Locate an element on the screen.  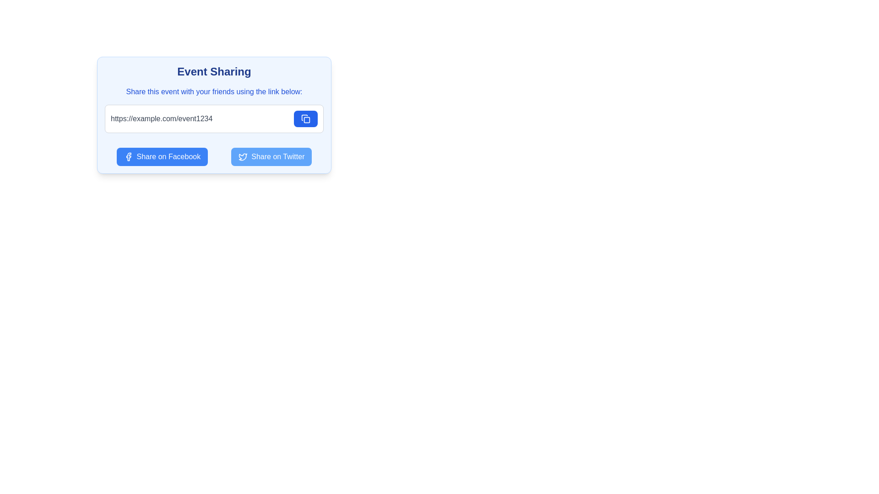
the Facebook logo icon, which is styled with an outline vector design and is located inside the 'Share on Facebook' button in the 'Event Sharing' dialog box is located at coordinates (128, 156).